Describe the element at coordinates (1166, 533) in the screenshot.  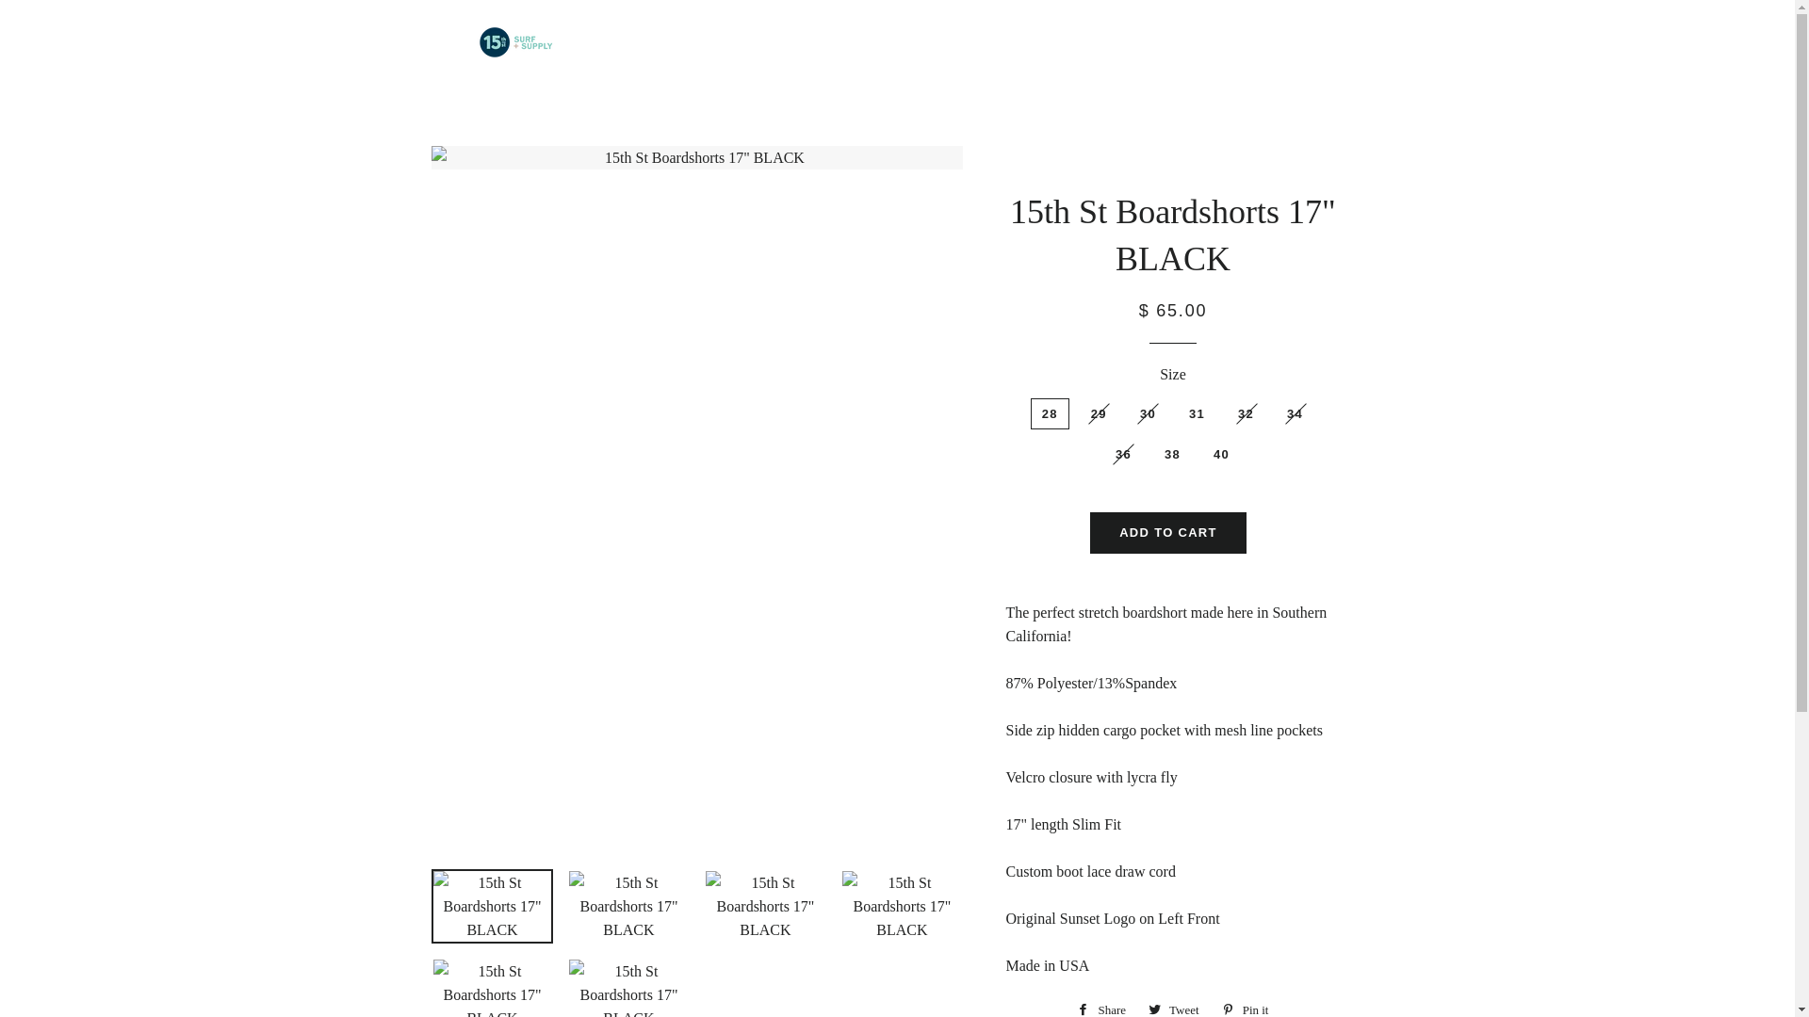
I see `'ADD TO CART'` at that location.